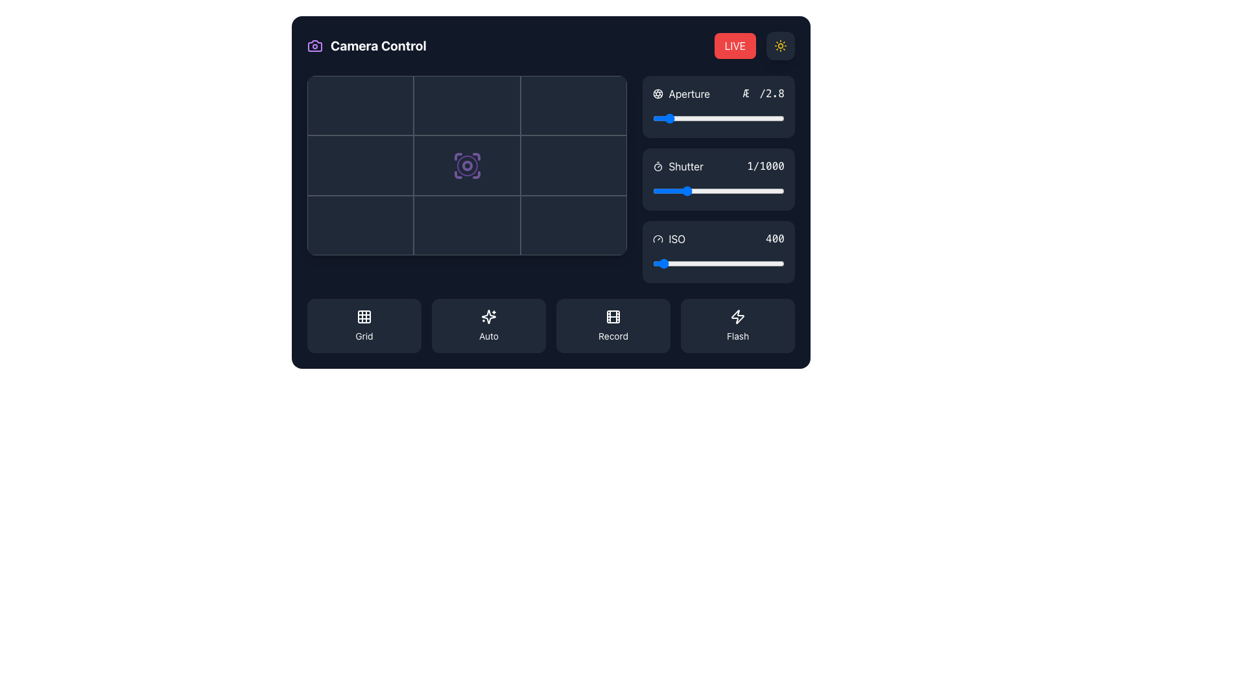 The width and height of the screenshot is (1245, 700). I want to click on the camera icon segment located in the top-left corner of the interface, which is part of the camera representation beside the 'Camera Control' label, so click(314, 45).